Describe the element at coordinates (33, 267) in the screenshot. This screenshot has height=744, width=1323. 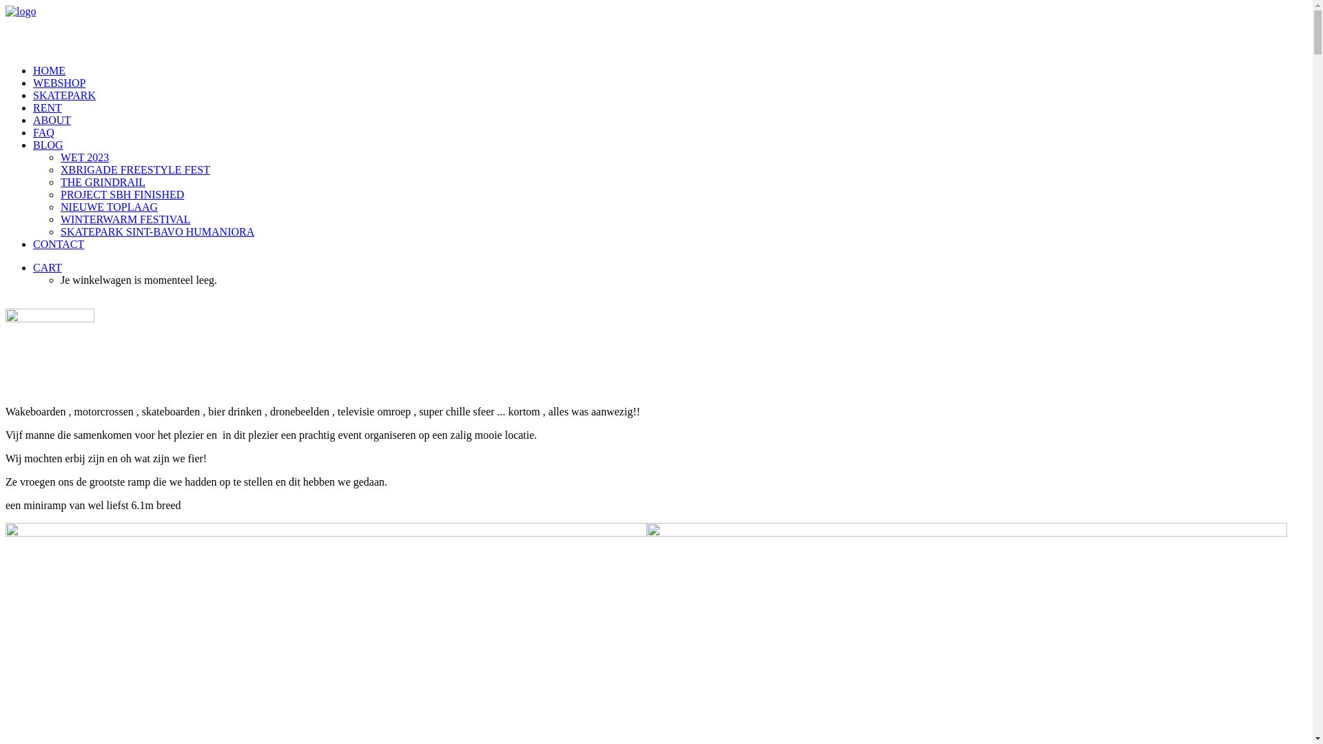
I see `'CART'` at that location.